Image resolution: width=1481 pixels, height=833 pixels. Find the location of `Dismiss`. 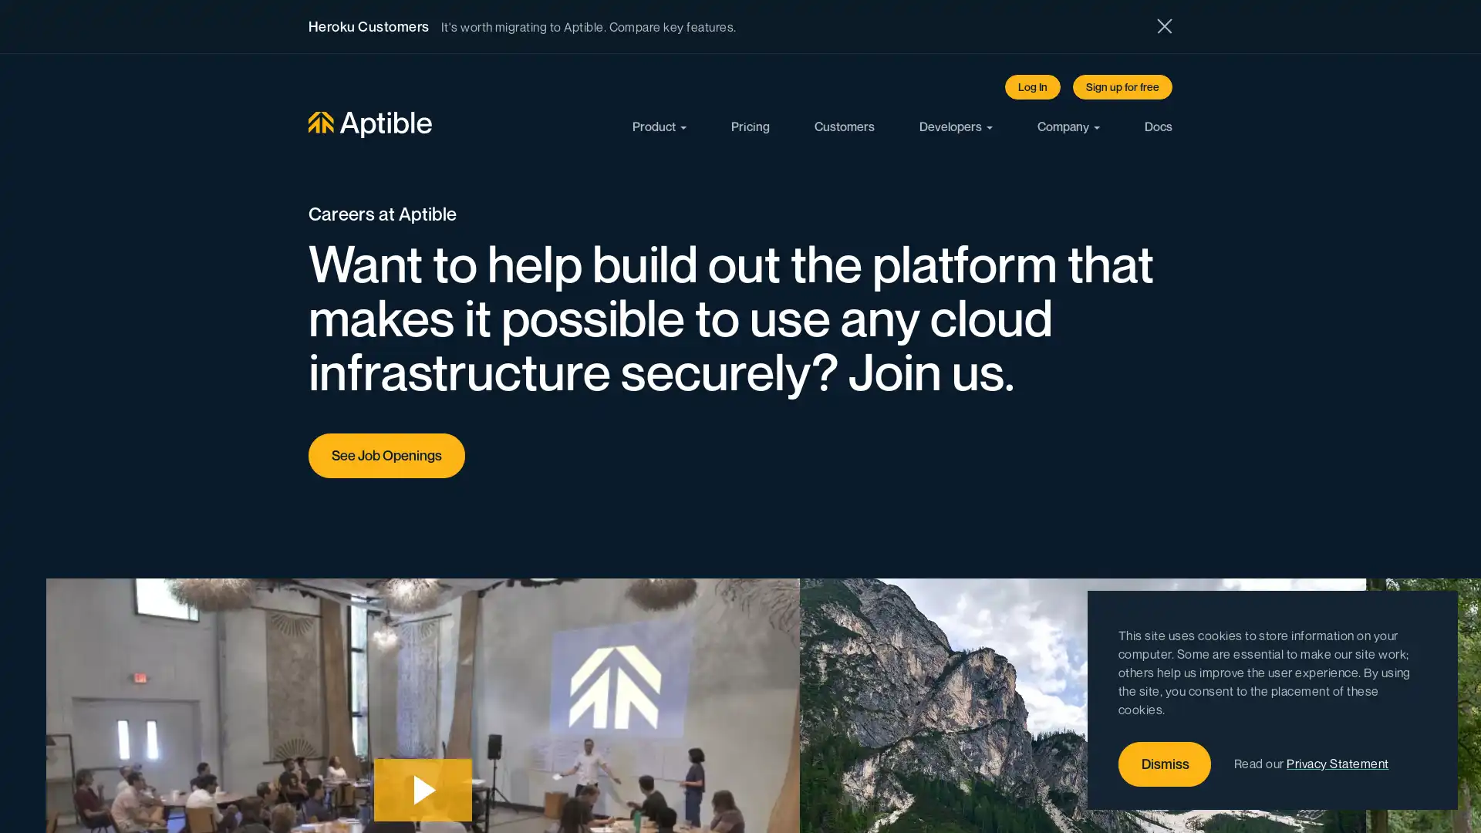

Dismiss is located at coordinates (1165, 764).